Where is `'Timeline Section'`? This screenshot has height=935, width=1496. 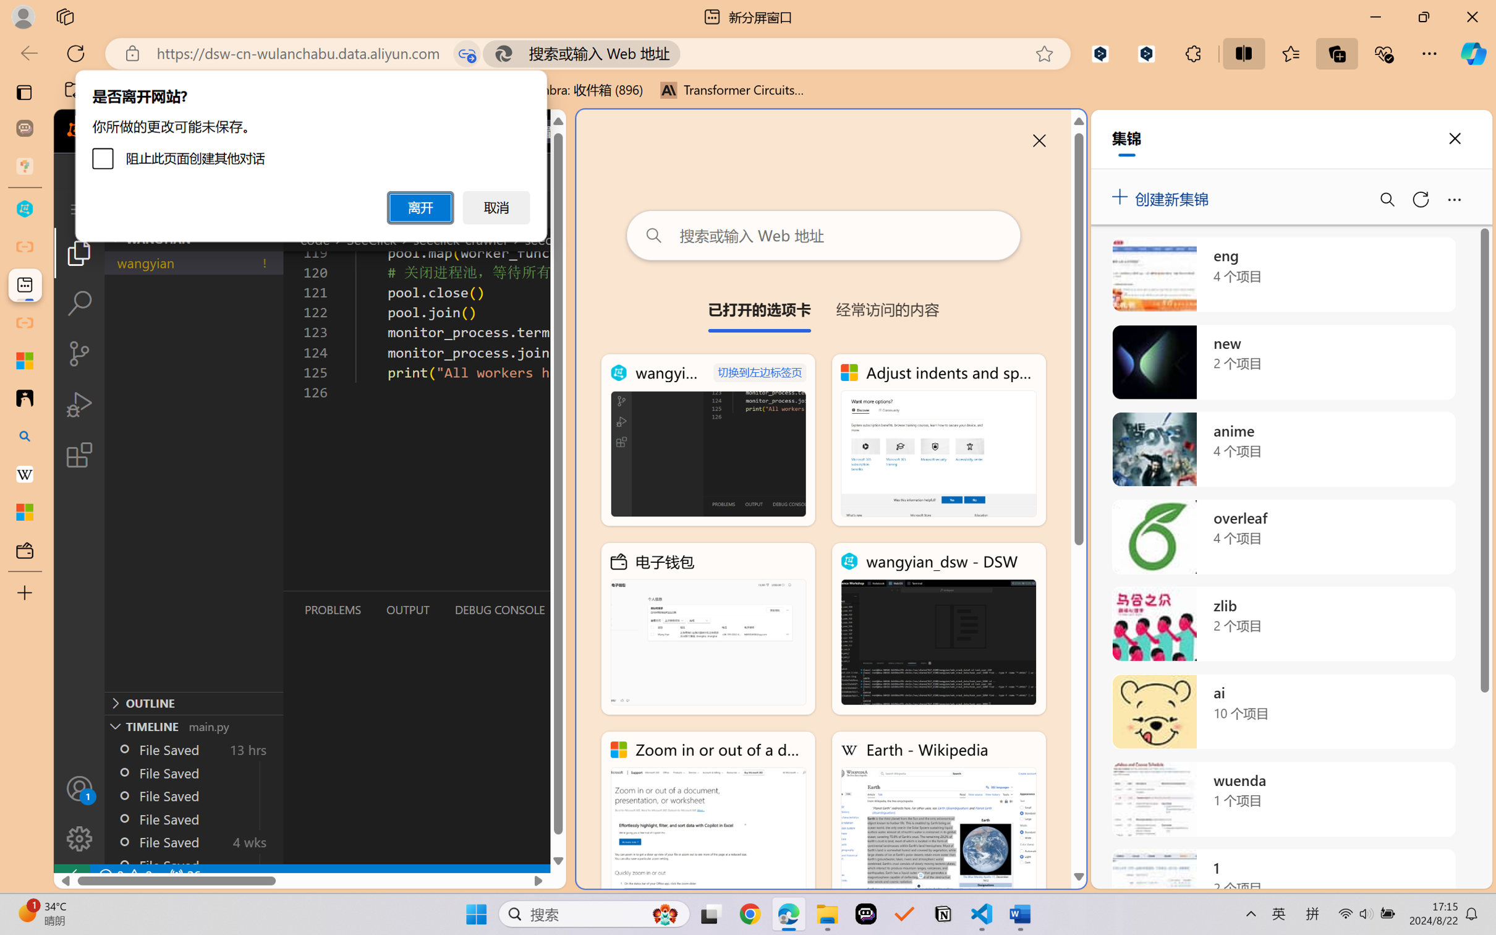
'Timeline Section' is located at coordinates (193, 726).